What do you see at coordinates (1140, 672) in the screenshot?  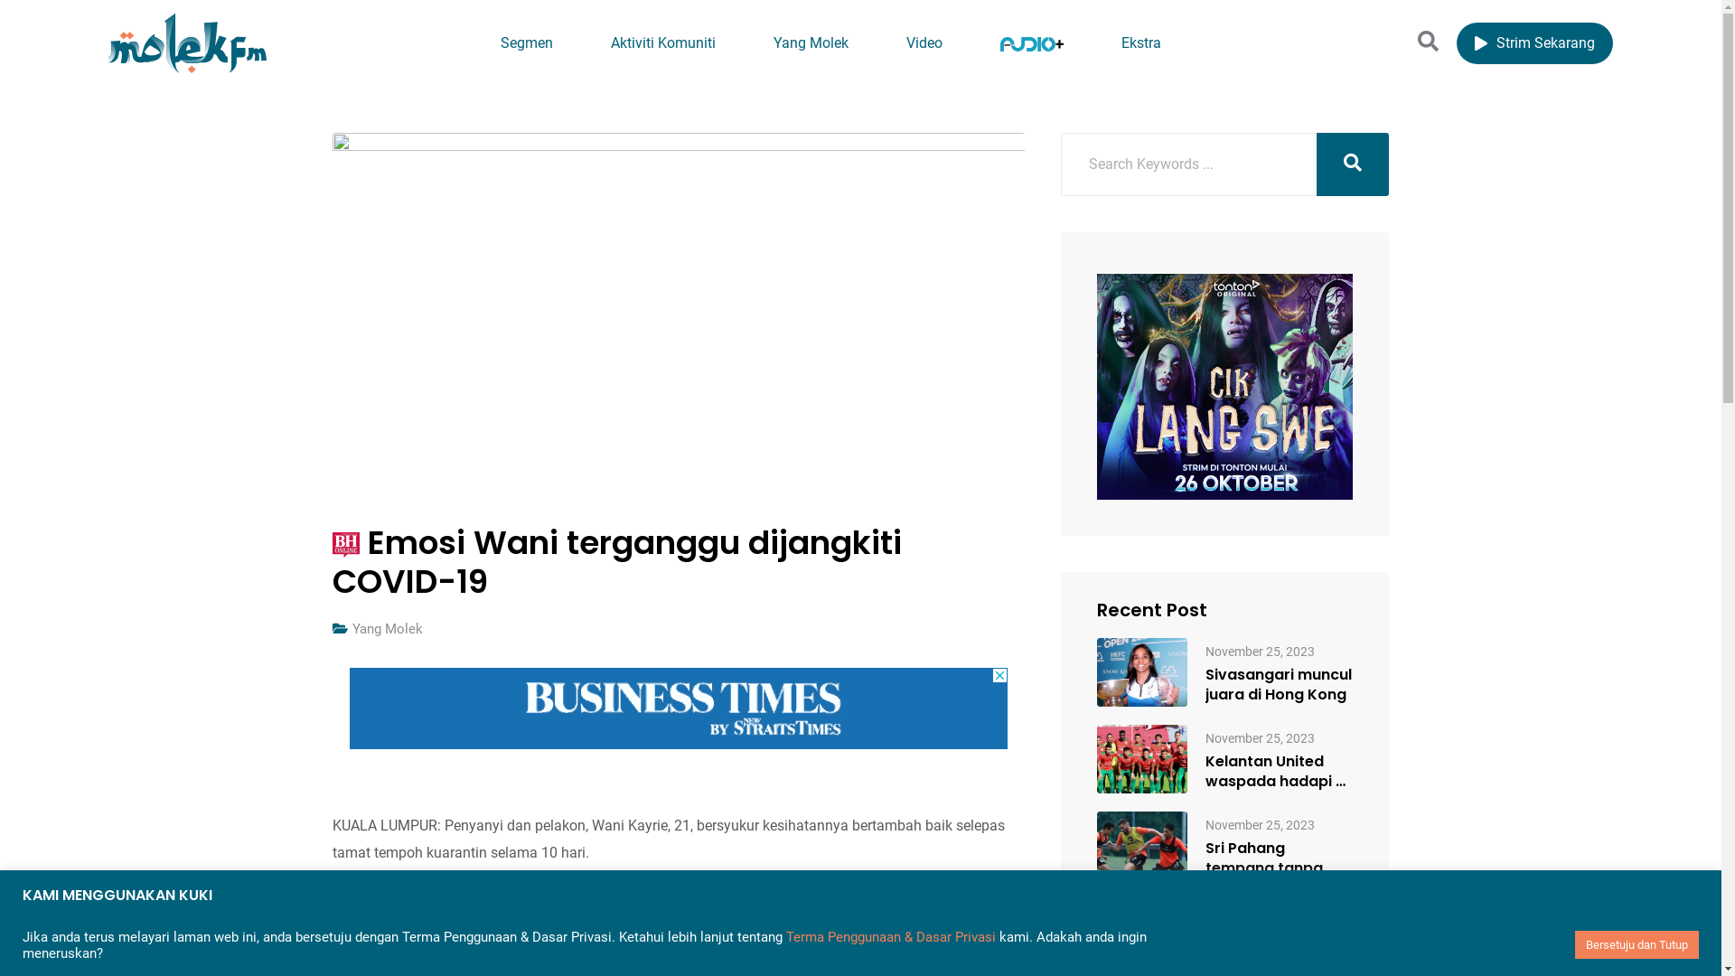 I see `' Sivasangari muncul juara di Hong Kong'` at bounding box center [1140, 672].